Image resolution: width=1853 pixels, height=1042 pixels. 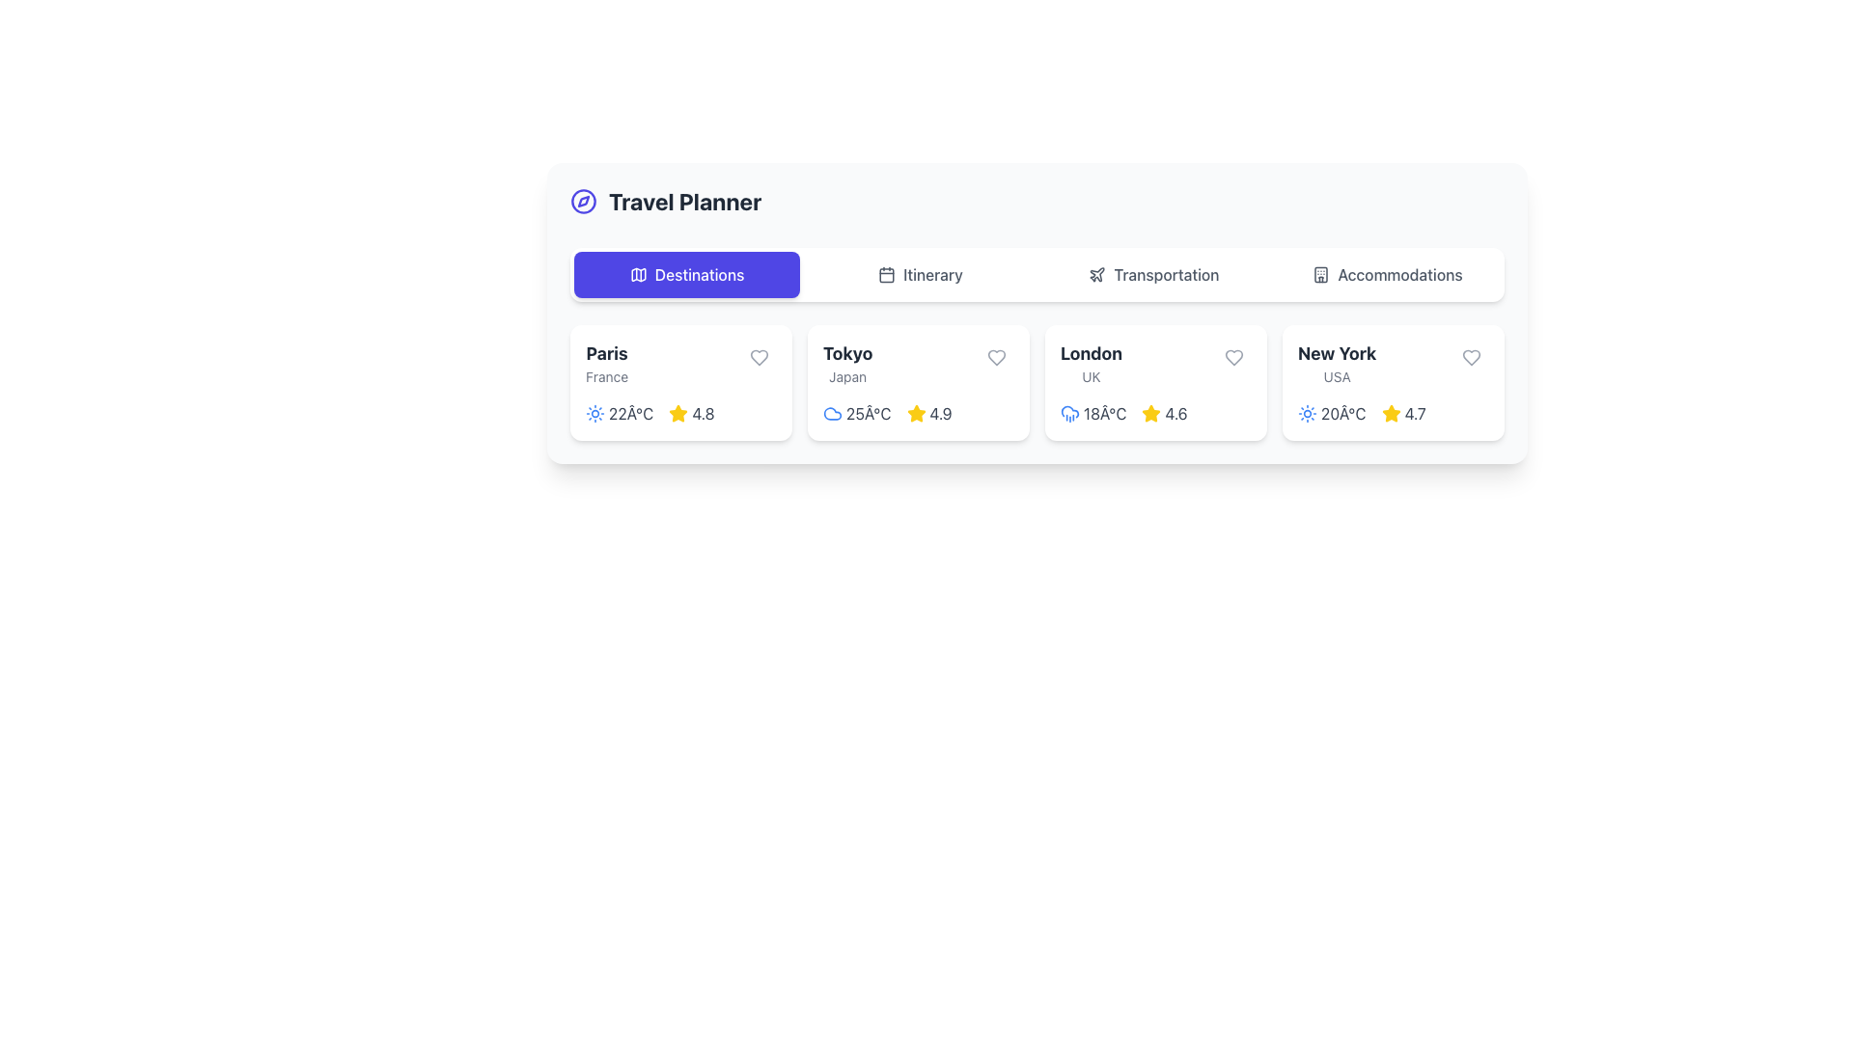 What do you see at coordinates (631, 412) in the screenshot?
I see `text label displaying '22Â°C' that is light gray and positioned next to a sun icon in the Paris section of the travel planner interface` at bounding box center [631, 412].